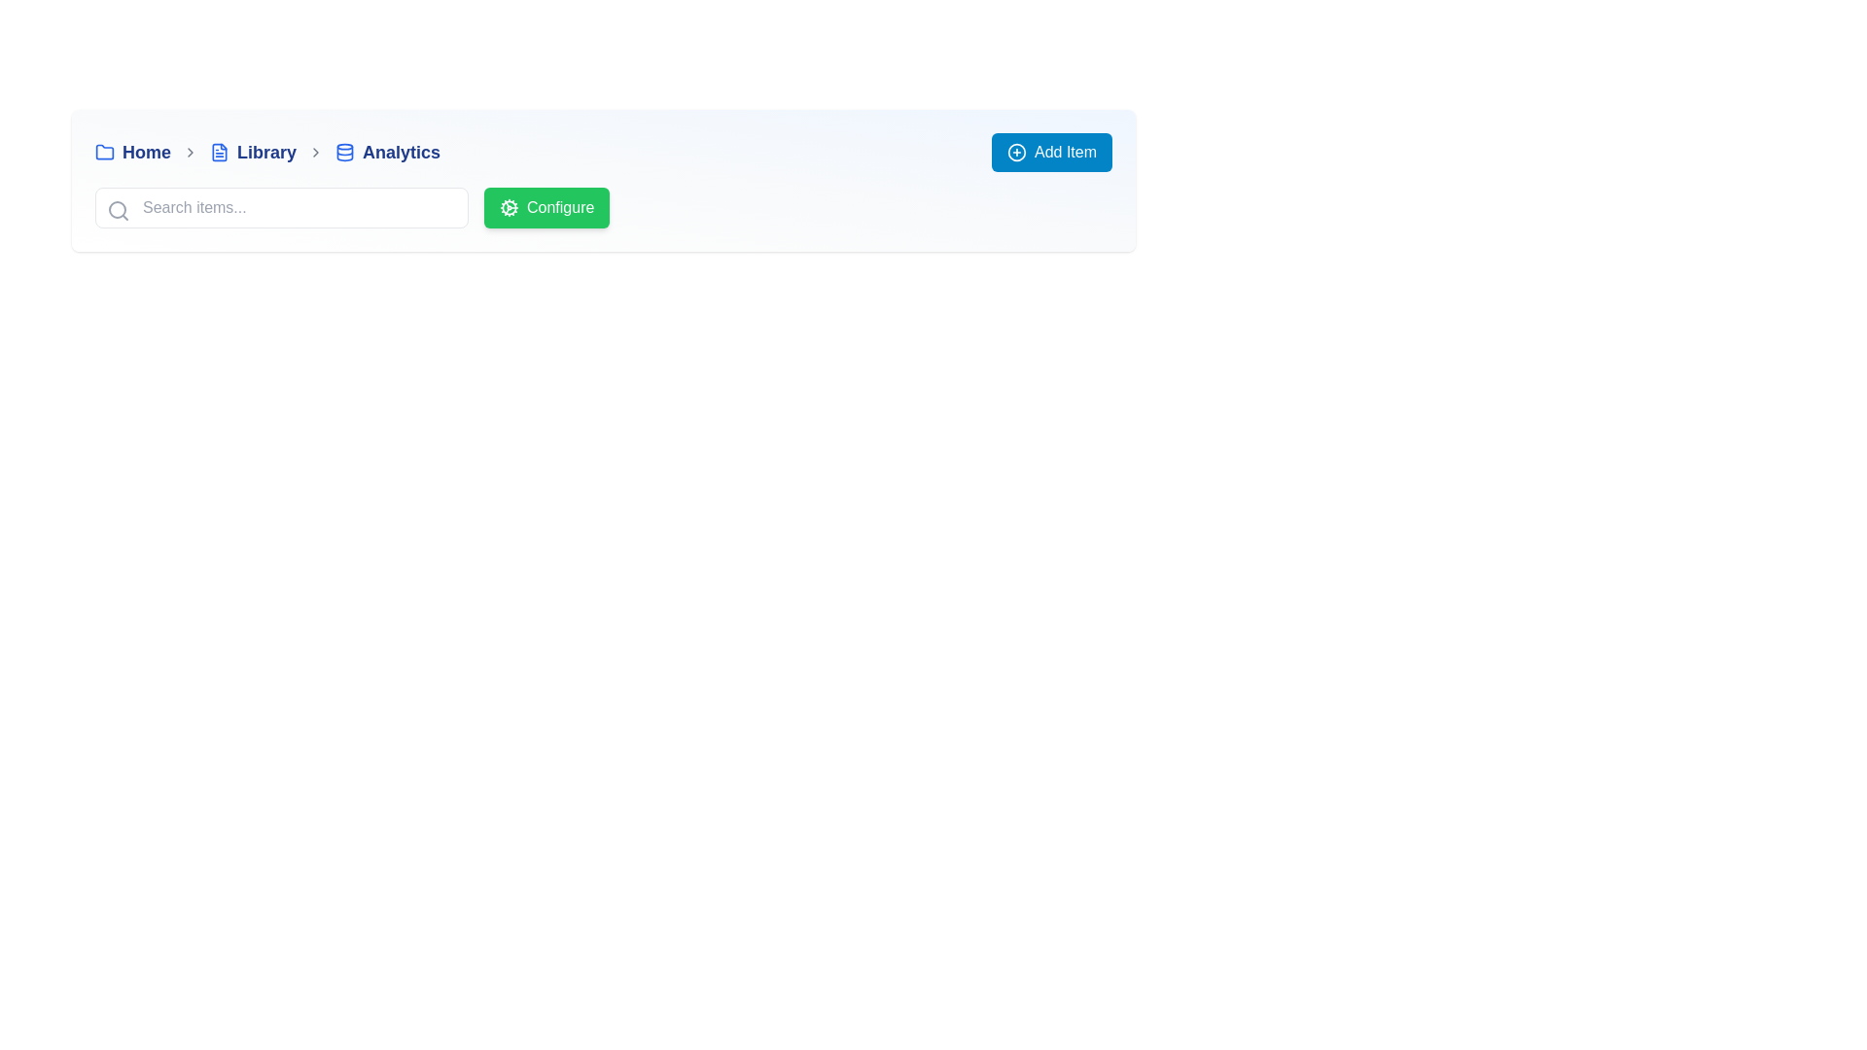 Image resolution: width=1867 pixels, height=1050 pixels. Describe the element at coordinates (509, 207) in the screenshot. I see `the cogwheel icon located within the green 'Configure' button` at that location.